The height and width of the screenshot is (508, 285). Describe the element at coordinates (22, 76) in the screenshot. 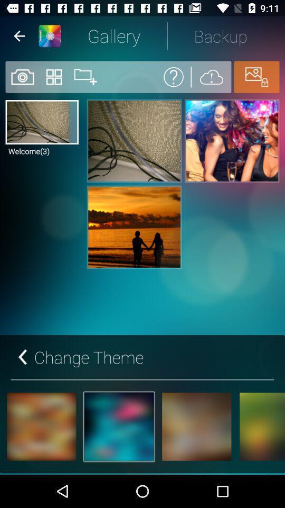

I see `the photo icon` at that location.